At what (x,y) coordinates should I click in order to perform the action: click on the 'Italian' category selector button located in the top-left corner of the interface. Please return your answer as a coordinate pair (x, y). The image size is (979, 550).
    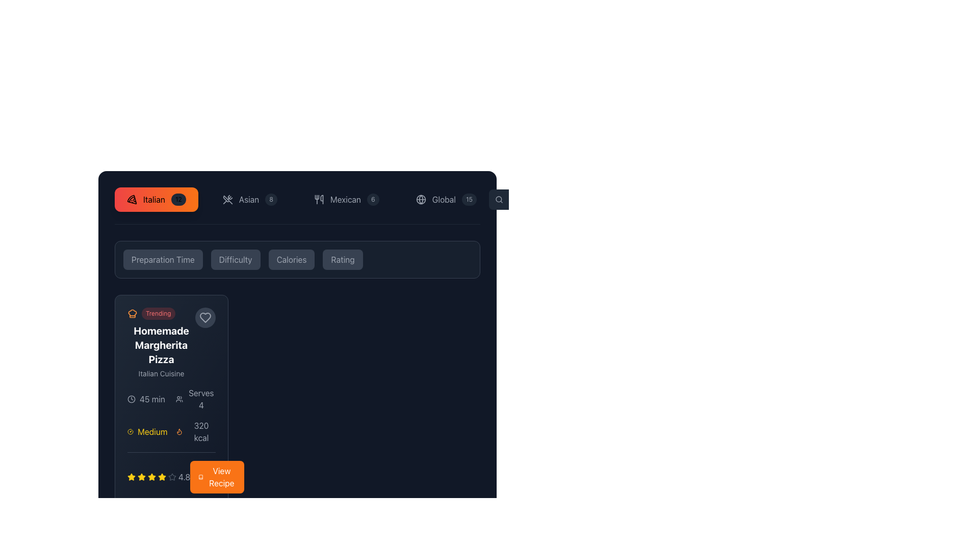
    Looking at the image, I should click on (156, 200).